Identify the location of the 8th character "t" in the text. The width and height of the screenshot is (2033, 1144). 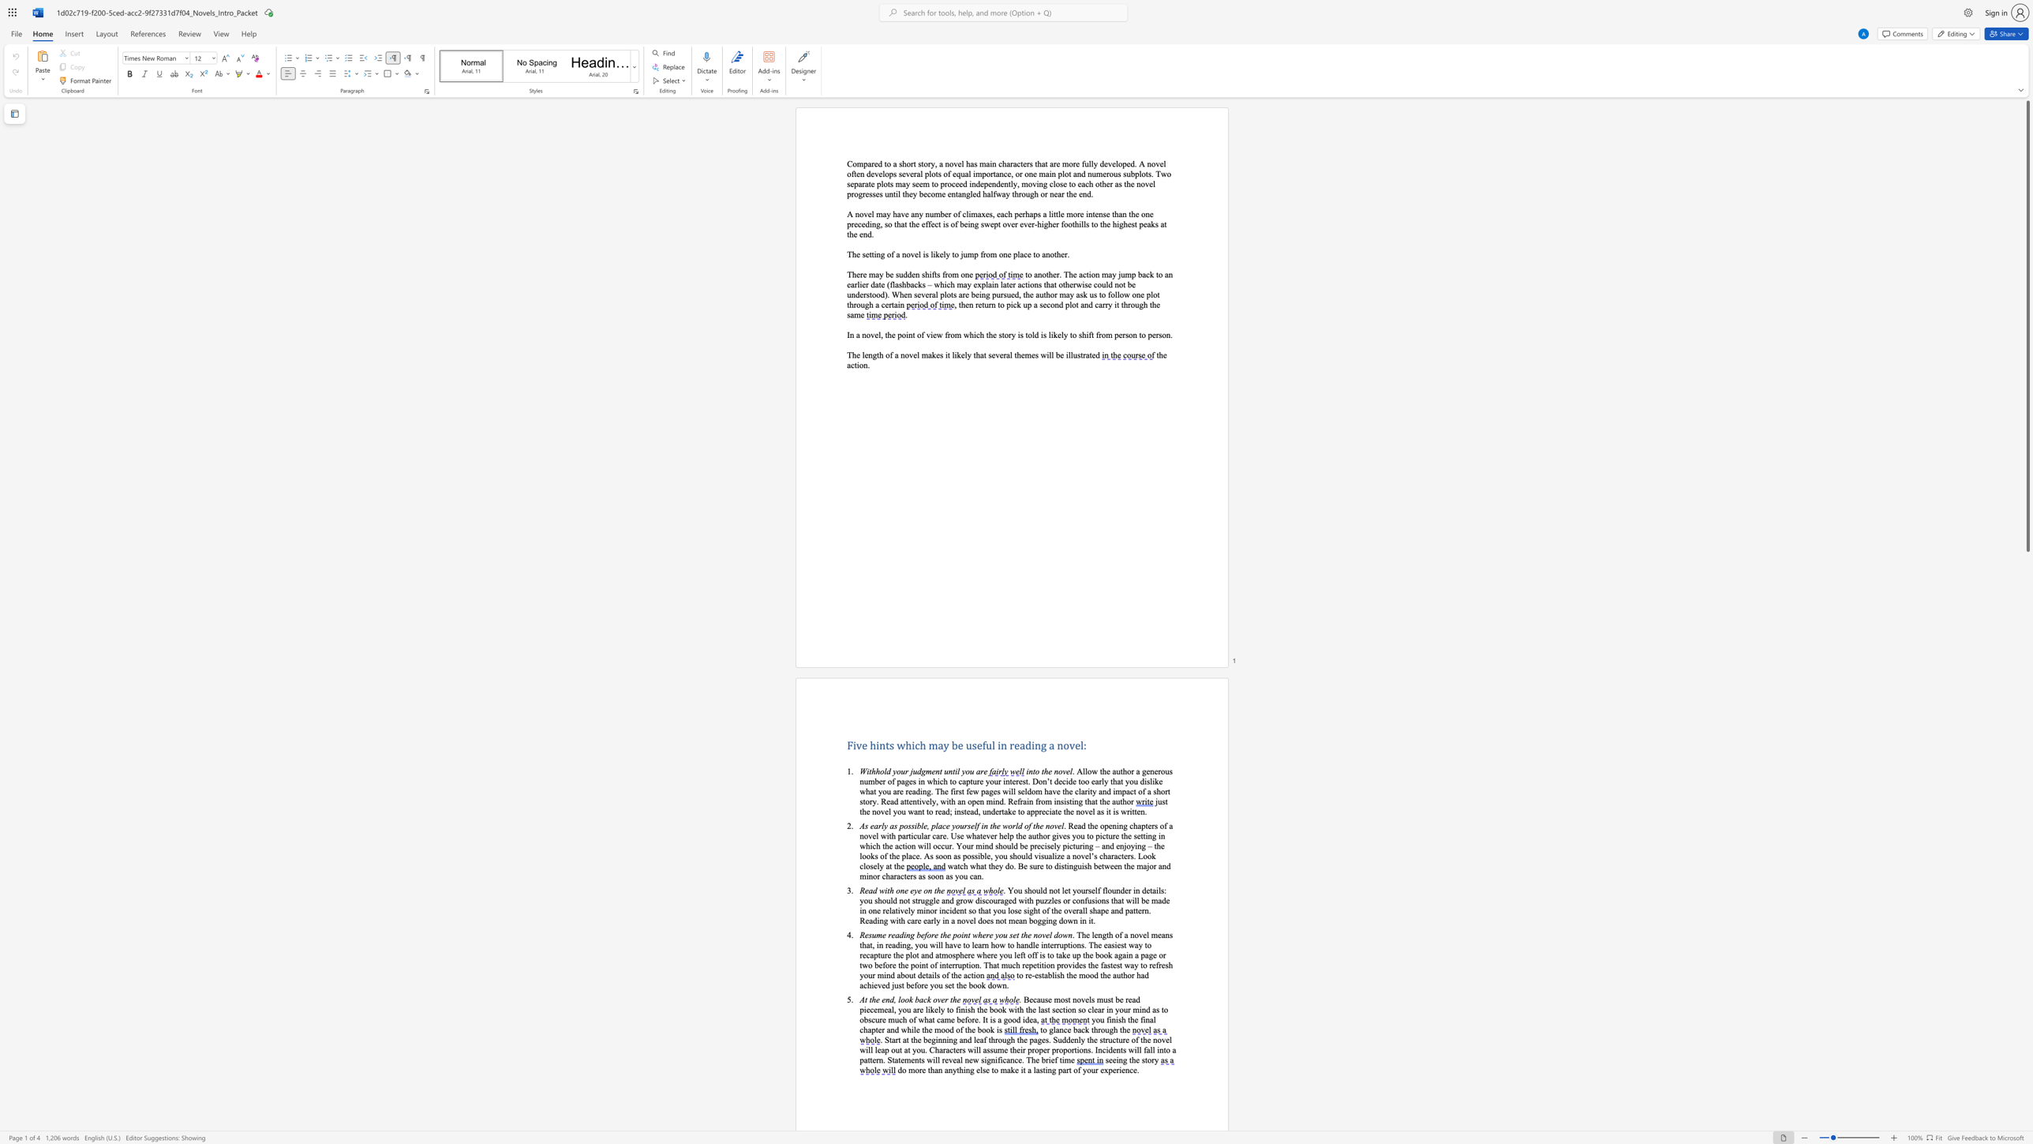
(904, 875).